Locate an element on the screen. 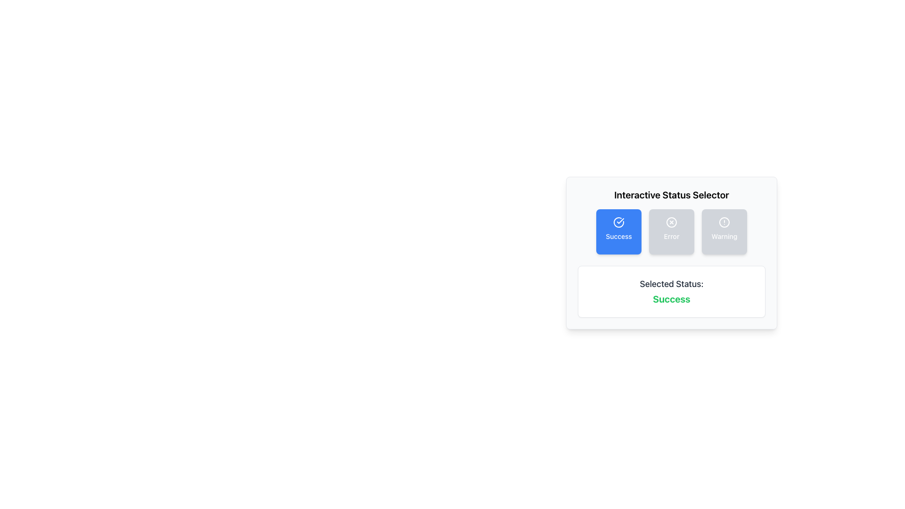 The width and height of the screenshot is (905, 509). the circular warning icon with an exclamation mark, located within the gray square labeled 'Warning', which is the last item in the row of three items ('Success', 'Error', 'Warning') is located at coordinates (724, 222).